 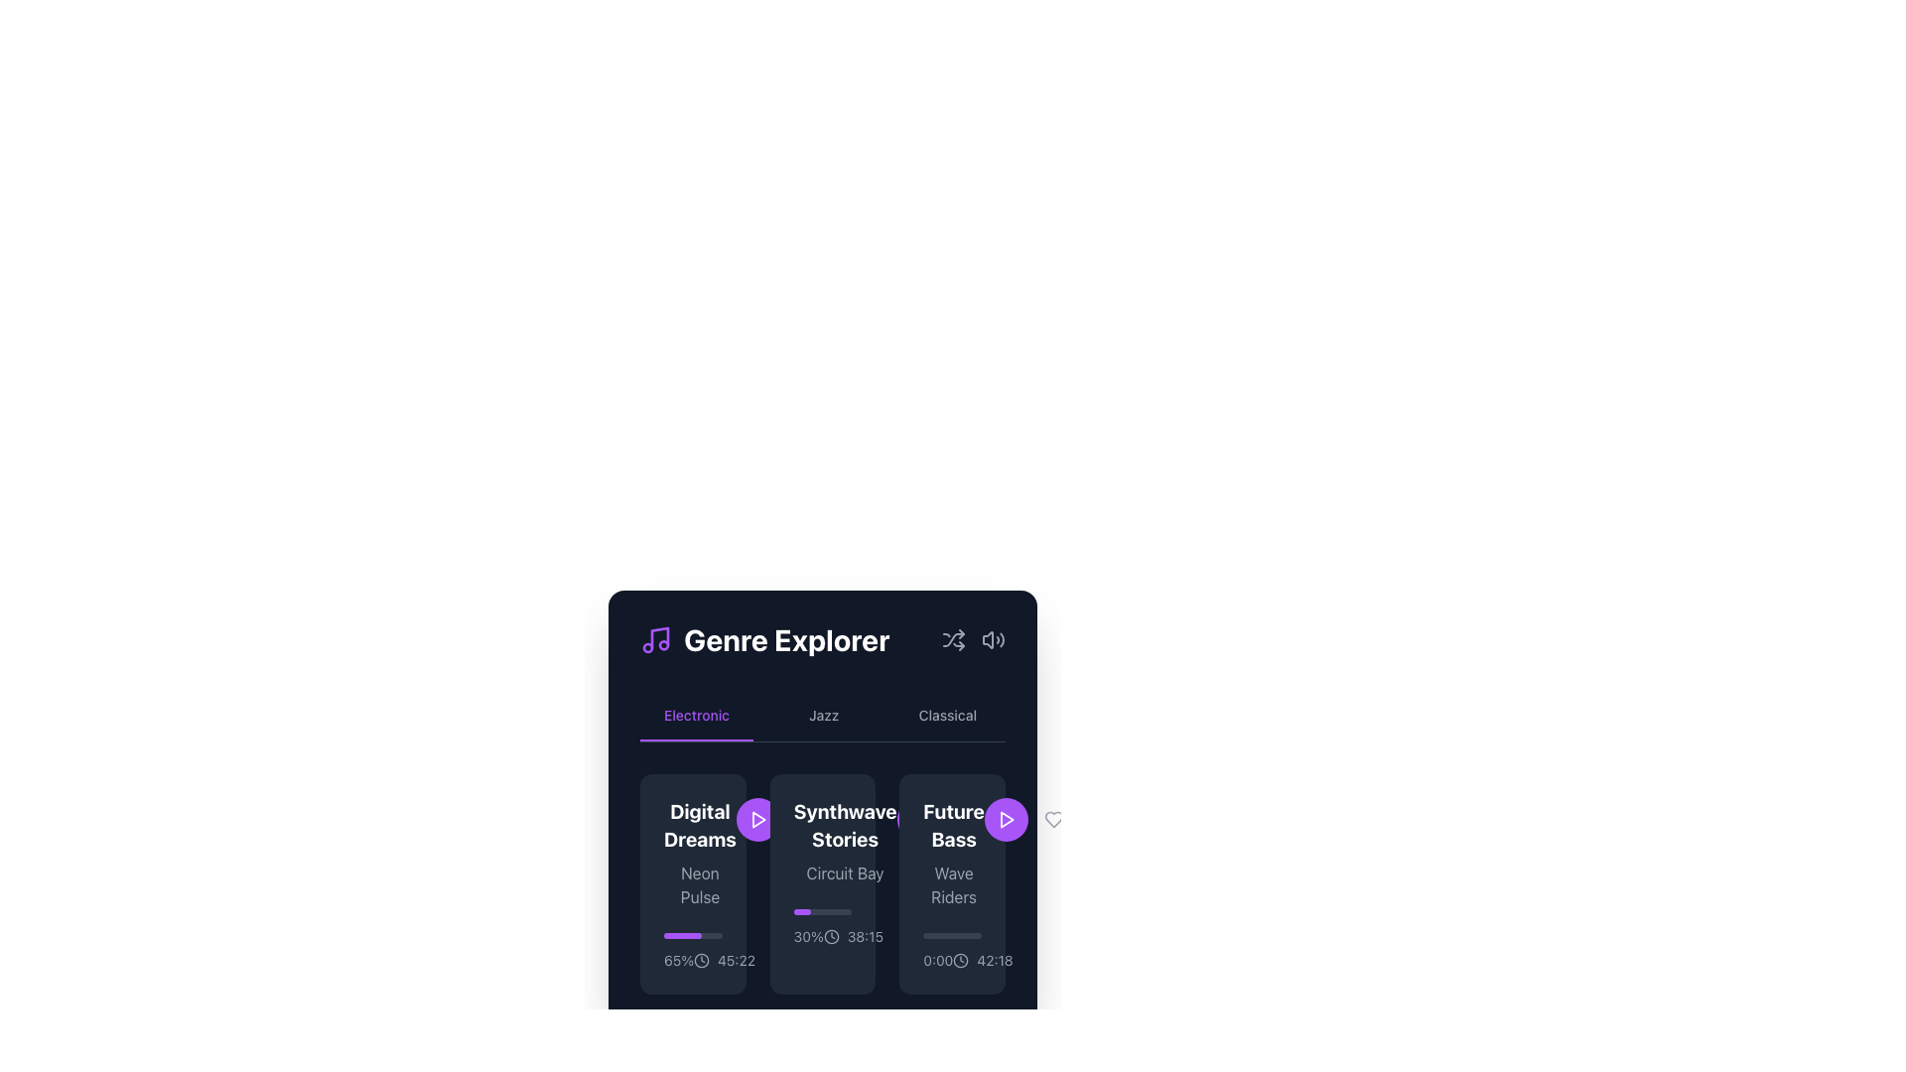 I want to click on the Text Label with Icon that displays the elapsed time ('0:00') and total duration ('42:18') of the audio track in the 'Future Bass' genre card located in the 'Genre Explorer' section, so click(x=951, y=960).